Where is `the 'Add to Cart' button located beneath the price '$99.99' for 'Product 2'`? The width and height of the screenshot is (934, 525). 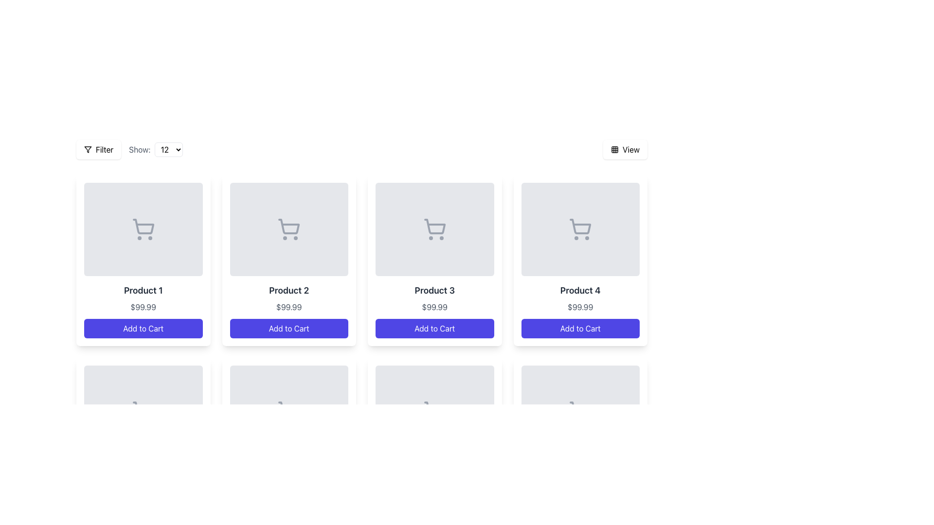
the 'Add to Cart' button located beneath the price '$99.99' for 'Product 2' is located at coordinates (288, 328).